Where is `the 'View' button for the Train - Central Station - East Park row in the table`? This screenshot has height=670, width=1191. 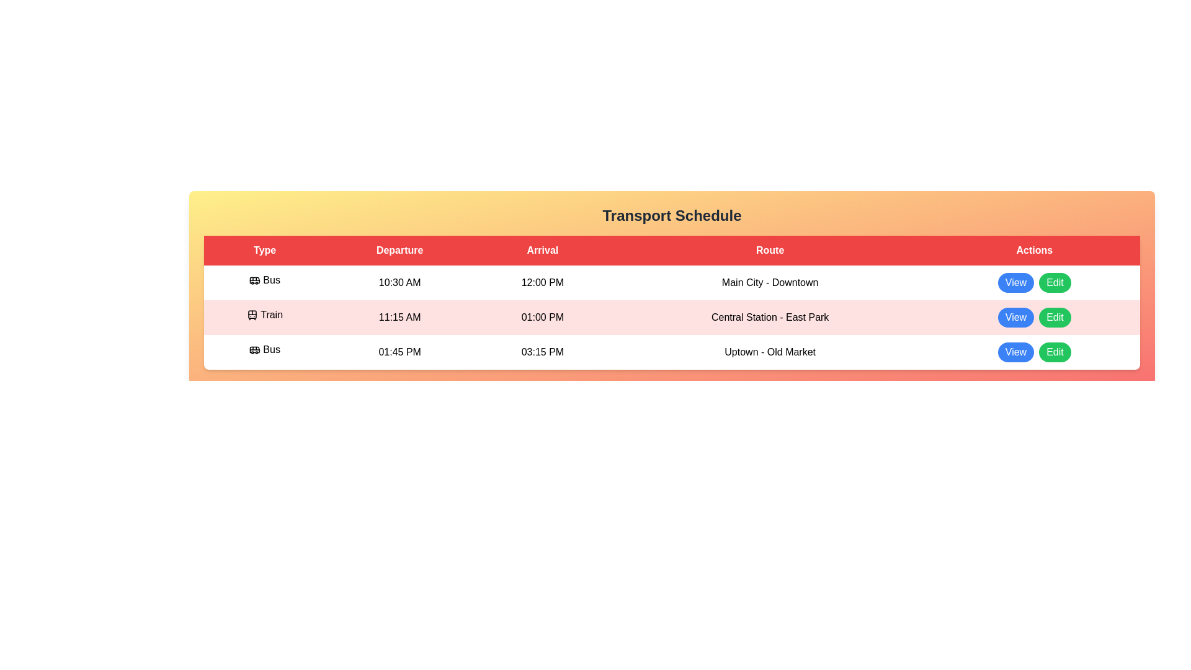
the 'View' button for the Train - Central Station - East Park row in the table is located at coordinates (1015, 317).